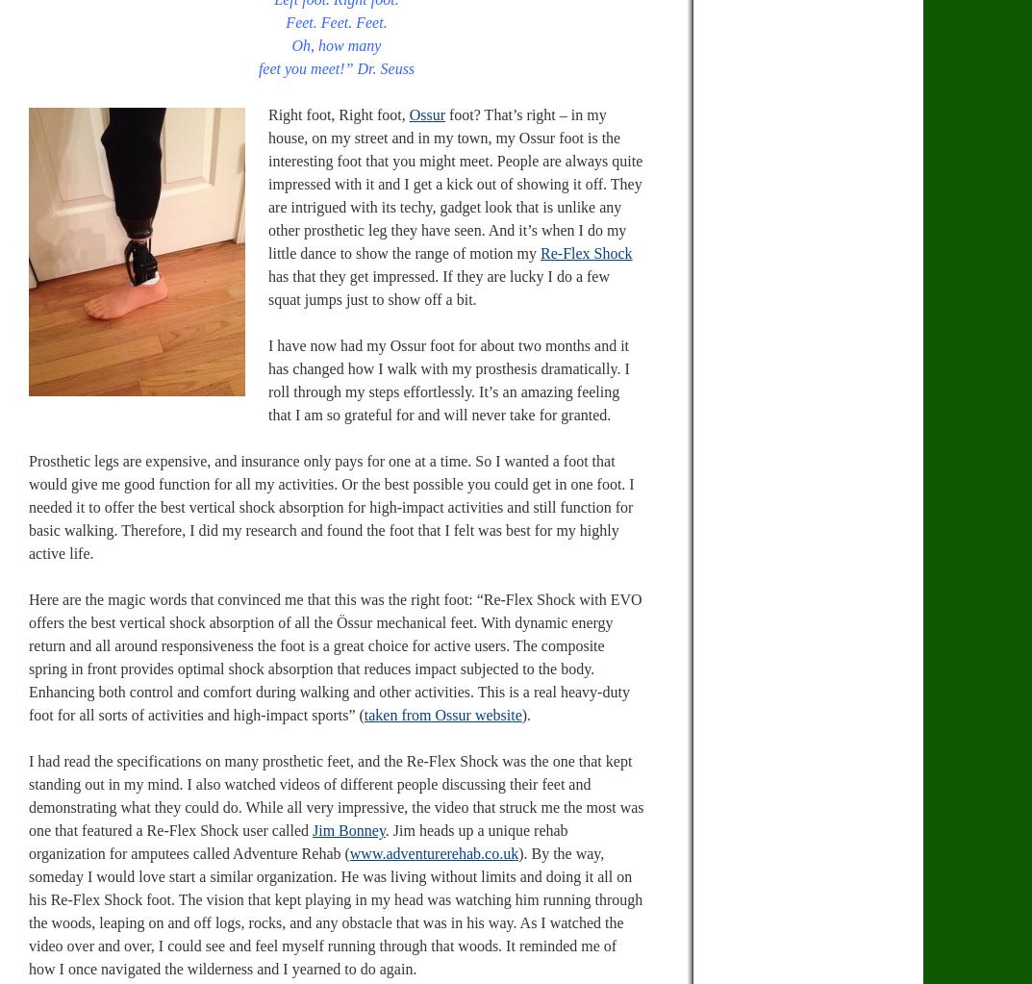 The image size is (1032, 984). What do you see at coordinates (331, 506) in the screenshot?
I see `'Prosthetic legs are expensive, and insurance only pays for one at a time. So I wanted a foot that would give me good function for all my activities. Or the best possible you could get in one foot. I needed it to offer the best vertical shock absorption for high-impact activities and still function for basic walking. Therefore, I did my research and found the foot that I felt was best for my highly active life.'` at bounding box center [331, 506].